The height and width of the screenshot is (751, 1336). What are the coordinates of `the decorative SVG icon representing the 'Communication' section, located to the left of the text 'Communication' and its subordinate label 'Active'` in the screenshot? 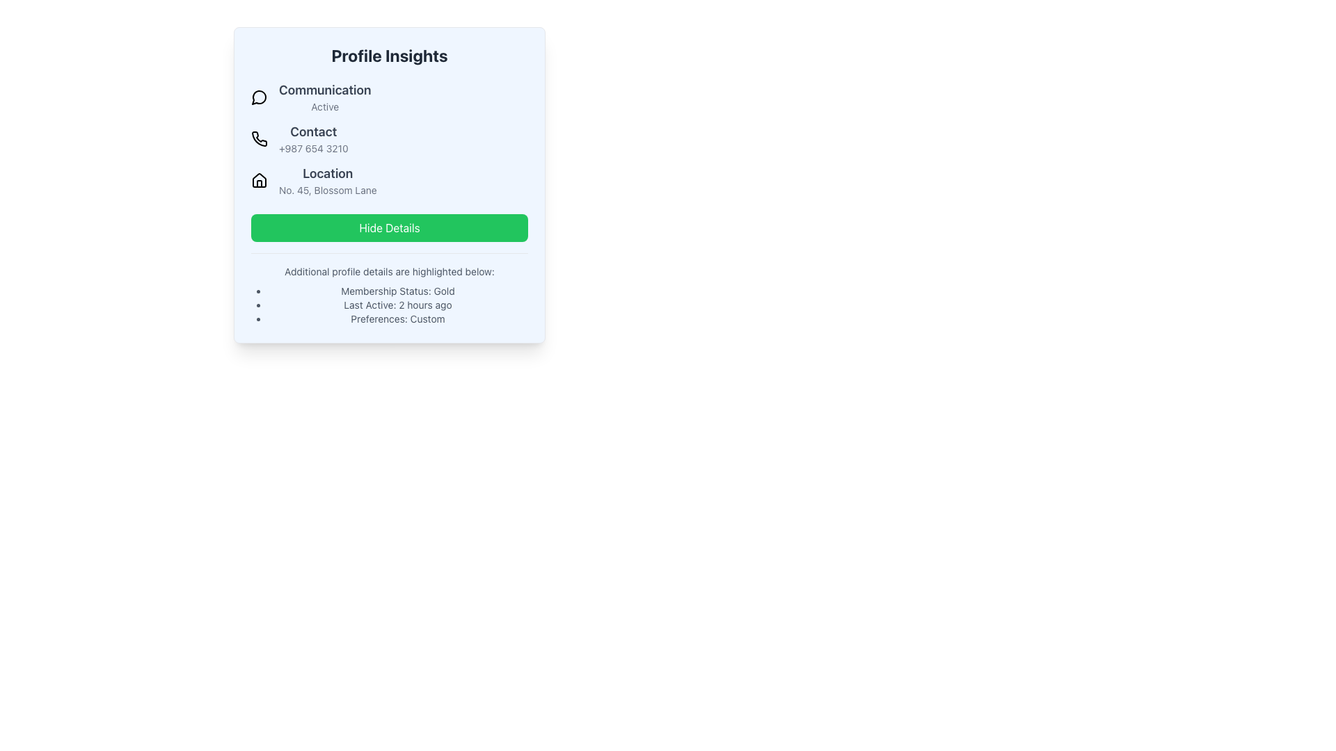 It's located at (259, 97).